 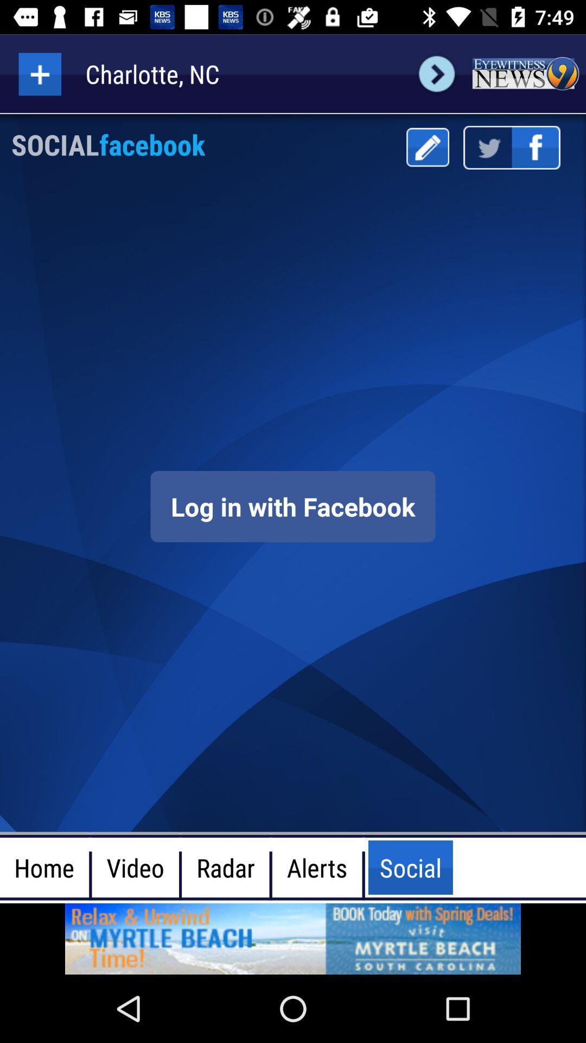 What do you see at coordinates (293, 938) in the screenshot?
I see `click bottom advertisement` at bounding box center [293, 938].